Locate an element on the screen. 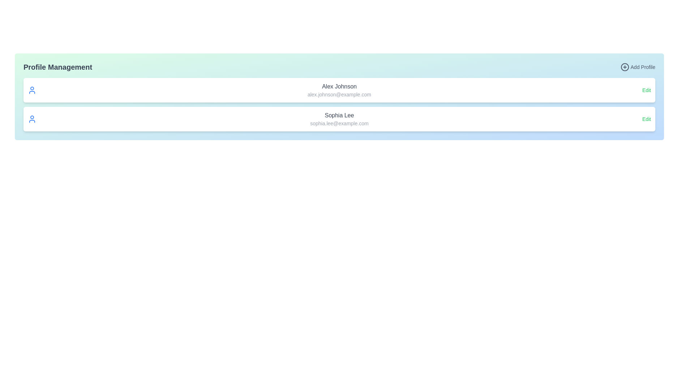 The width and height of the screenshot is (694, 390). the text button for editing user information associated with 'Sophia Lee' and 'sophia.lee@example.com' is located at coordinates (646, 119).